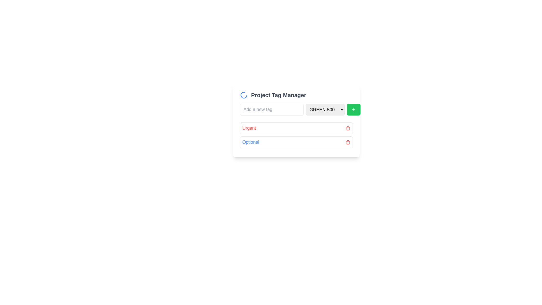 This screenshot has width=542, height=305. Describe the element at coordinates (353, 110) in the screenshot. I see `the interactive button located to the right of the 'GREEN-500' dropdown menu` at that location.